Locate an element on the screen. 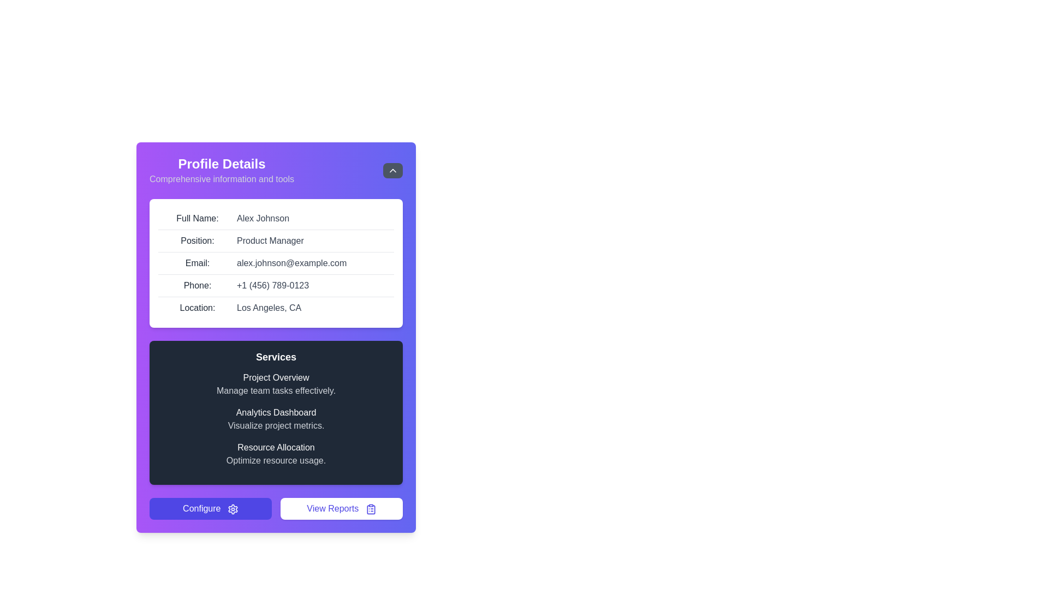 The width and height of the screenshot is (1048, 589). the icon located immediately to the right of the 'View Reports' text at the bottom-right corner of the interface panel is located at coordinates (371, 509).